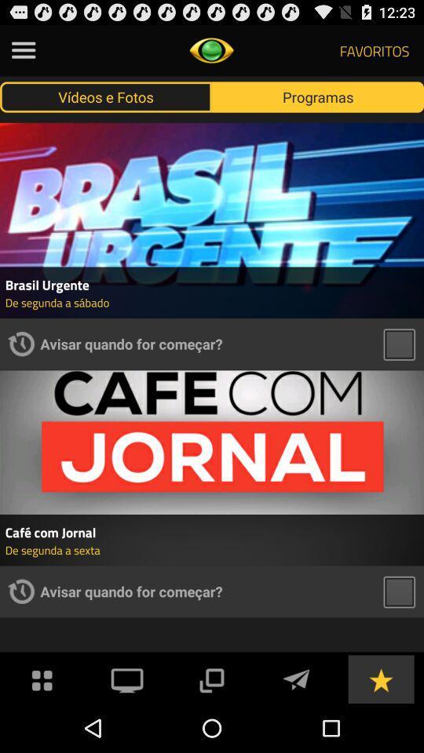 The width and height of the screenshot is (424, 753). I want to click on menu, so click(42, 678).